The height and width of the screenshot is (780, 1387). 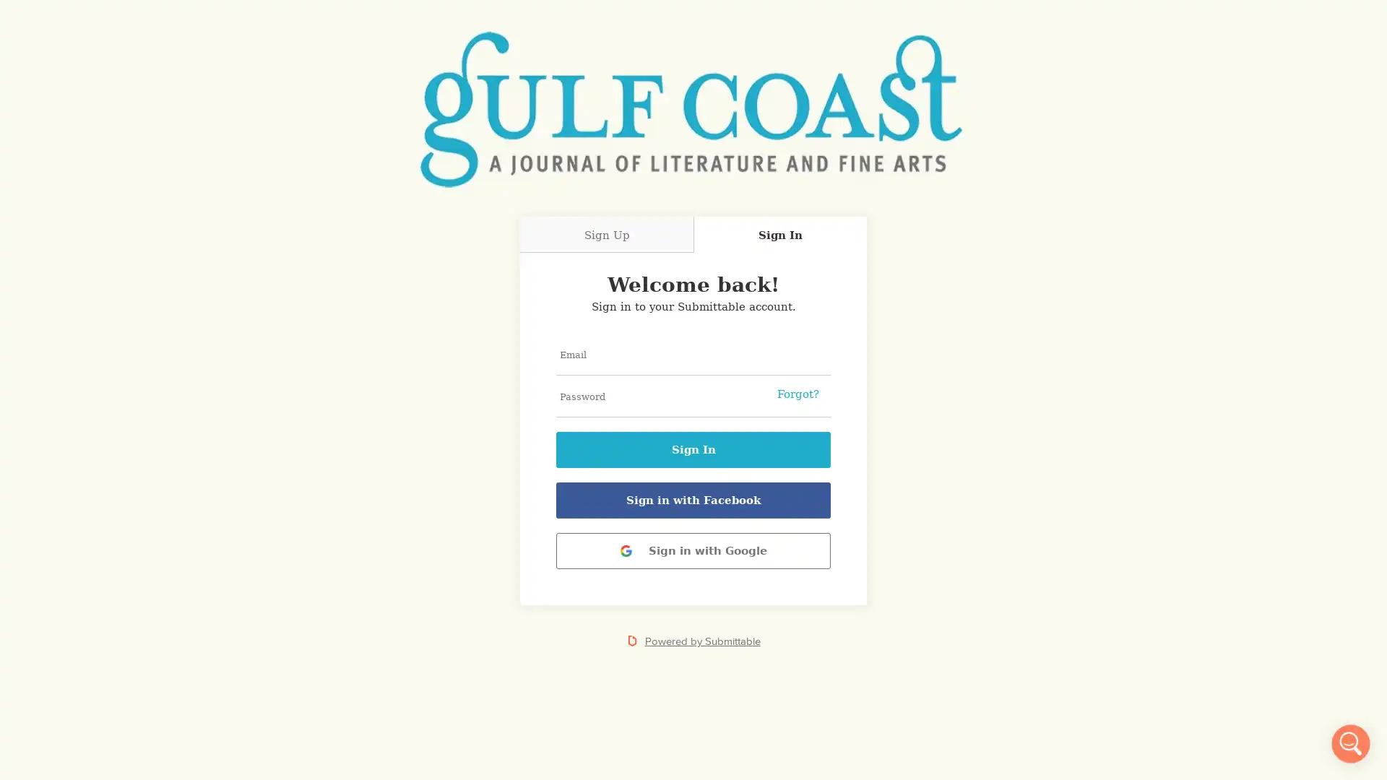 I want to click on Sign In, so click(x=693, y=449).